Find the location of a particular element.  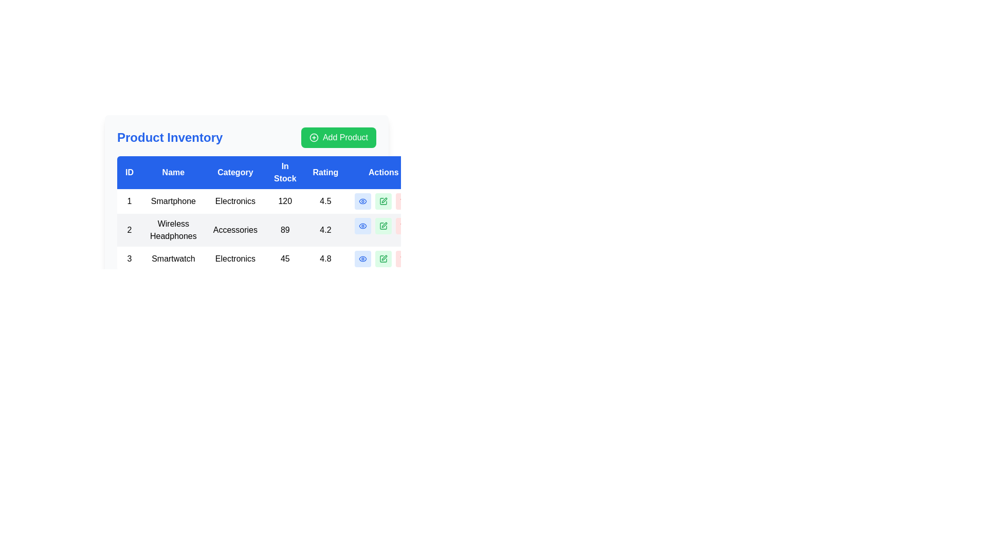

the green button with a white '+' icon and 'Add Product' text is located at coordinates (338, 137).